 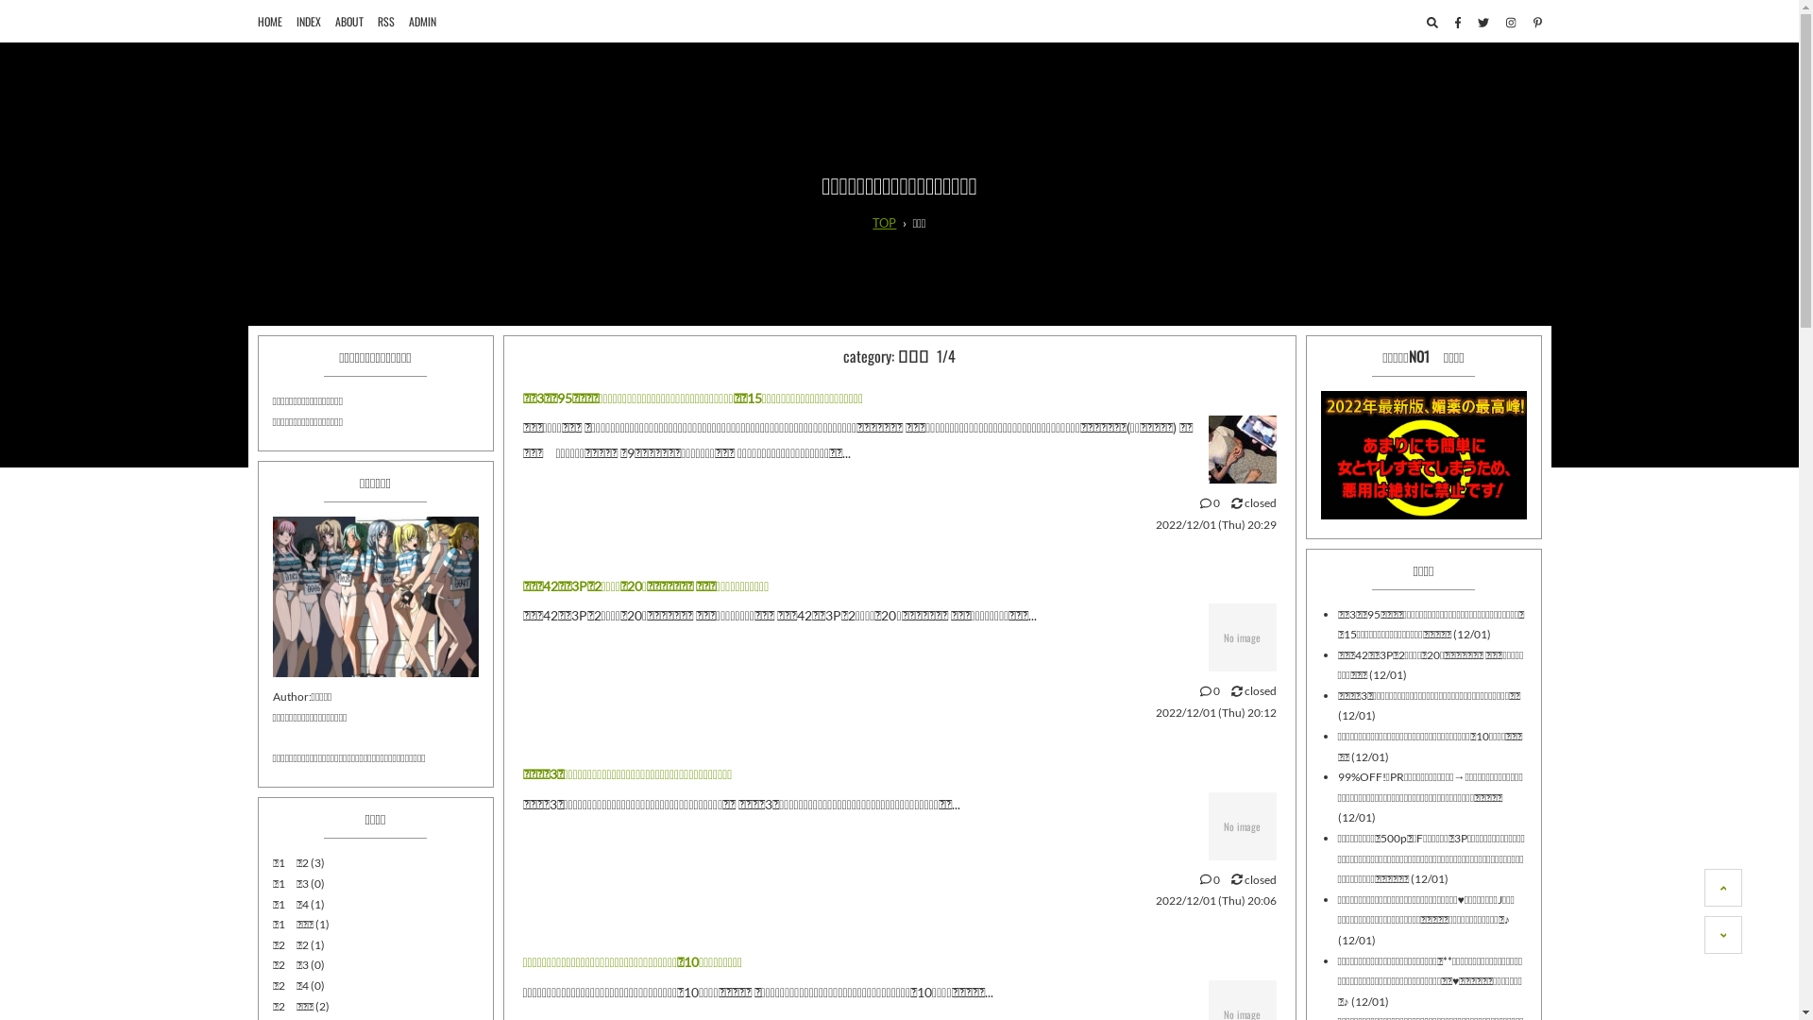 I want to click on 'ABOUT', so click(x=348, y=21).